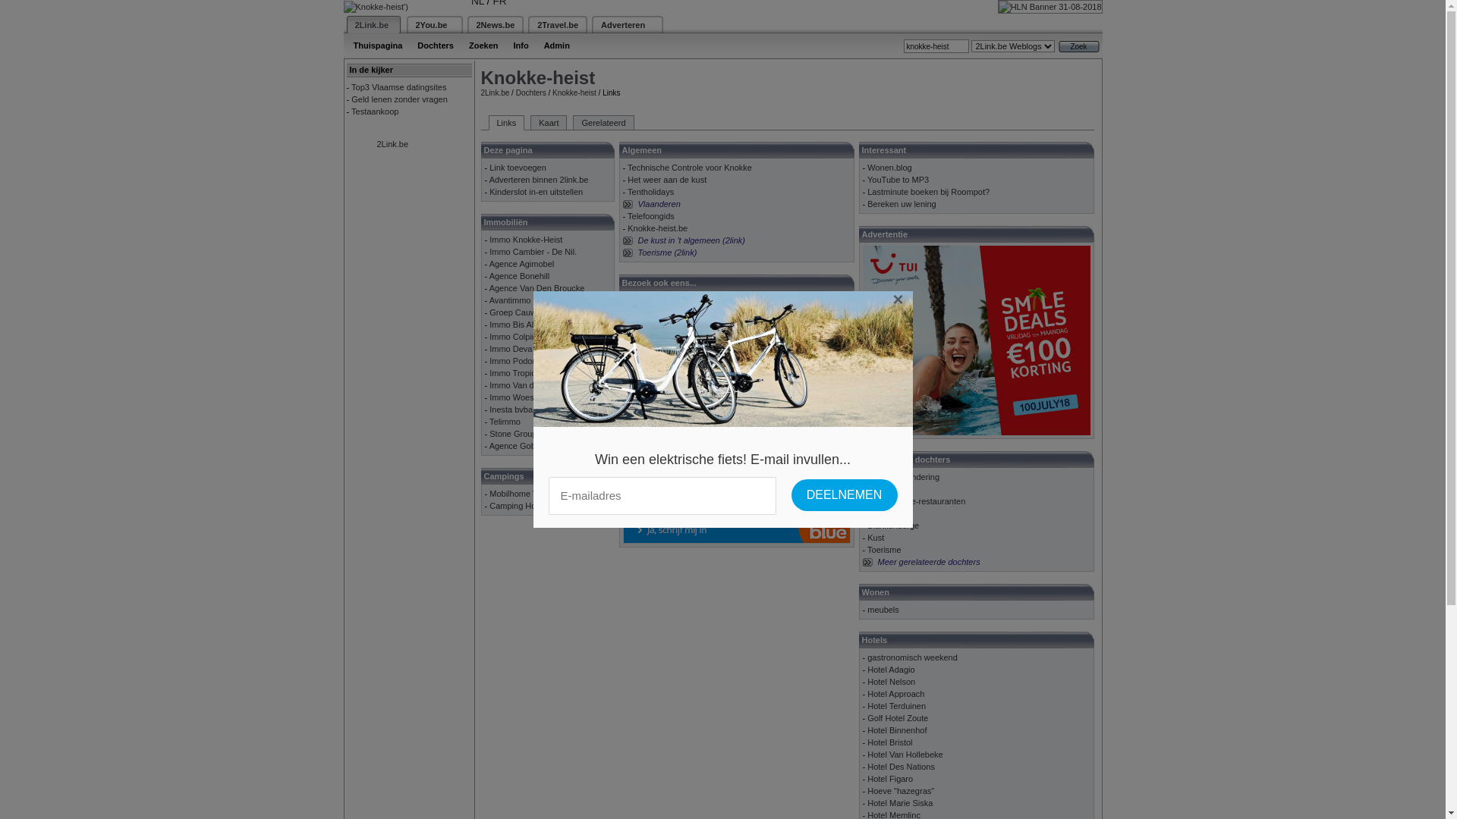 The width and height of the screenshot is (1457, 819). What do you see at coordinates (489, 288) in the screenshot?
I see `'Agence Van Den Broucke'` at bounding box center [489, 288].